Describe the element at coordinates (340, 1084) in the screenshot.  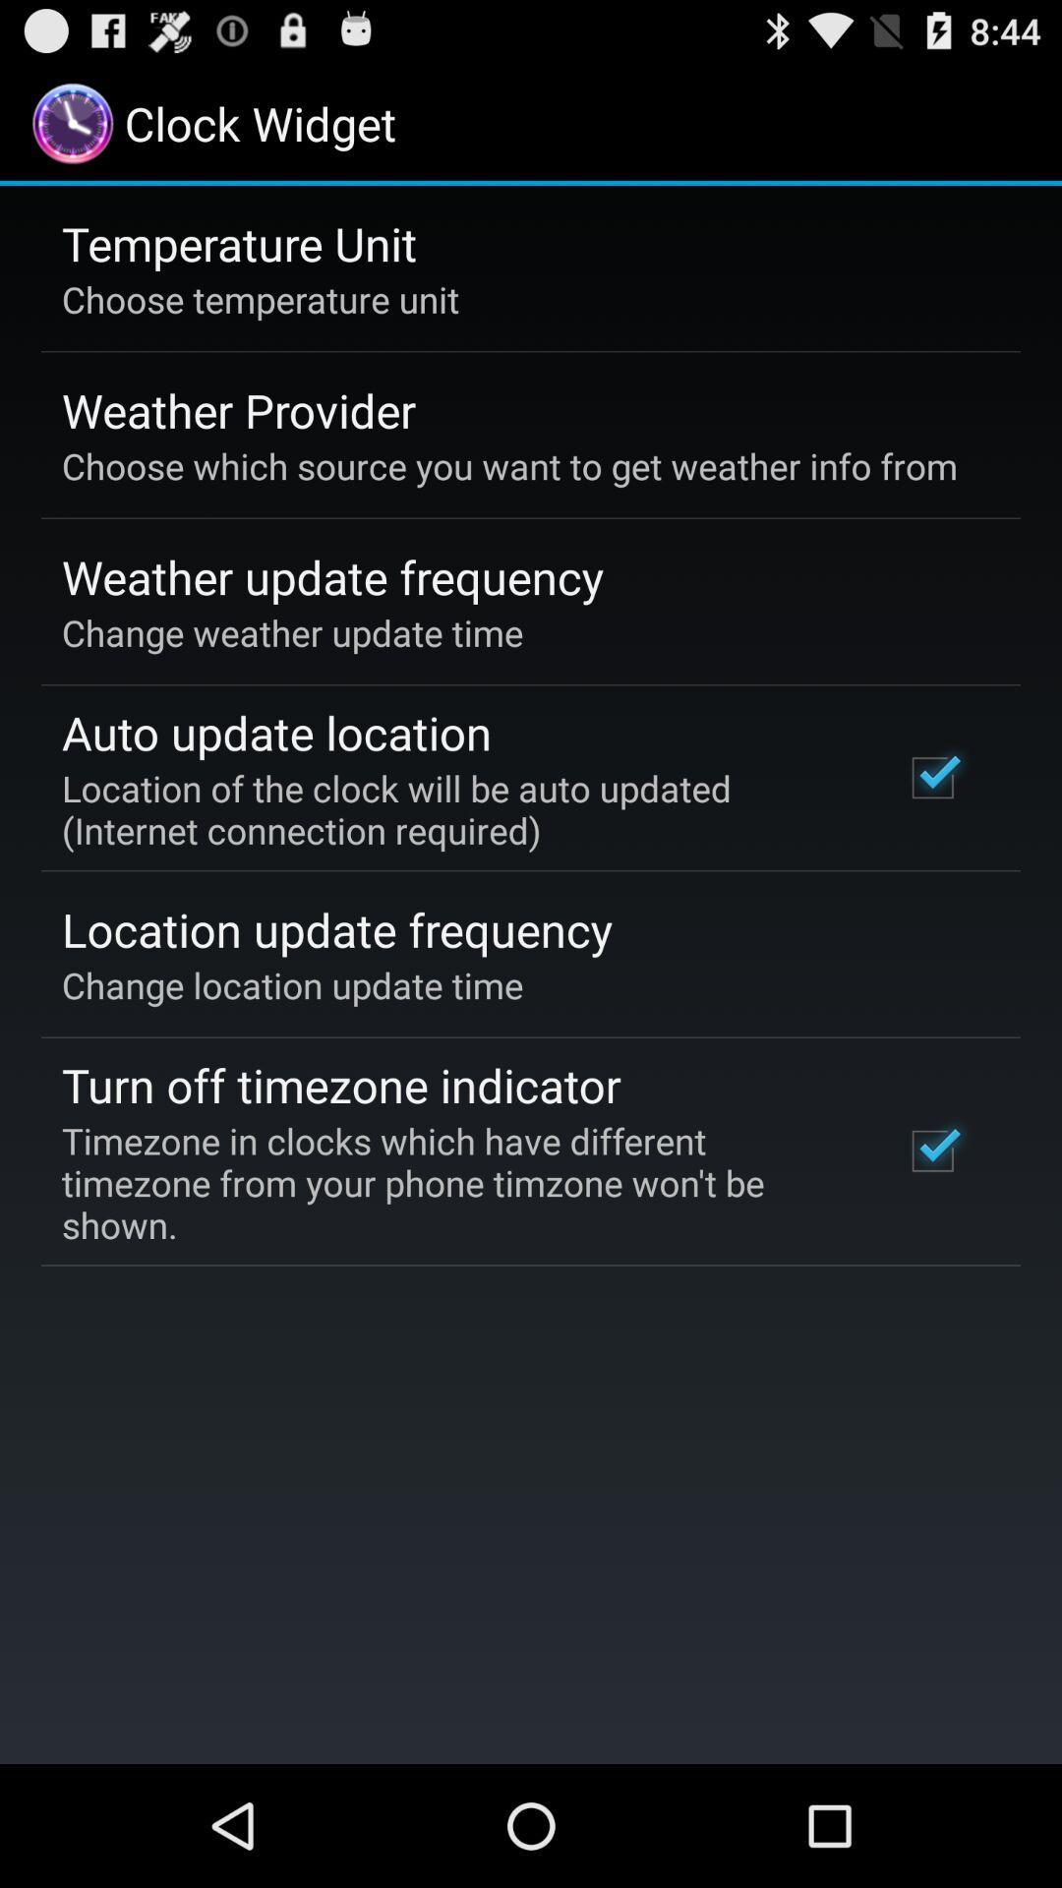
I see `the icon below the change location update` at that location.